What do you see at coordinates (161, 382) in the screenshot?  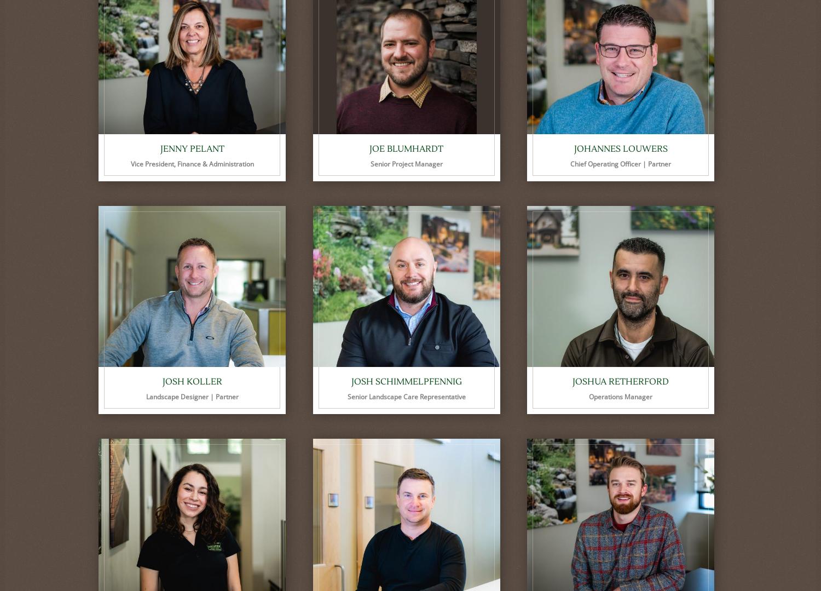 I see `'Josh Koller'` at bounding box center [161, 382].